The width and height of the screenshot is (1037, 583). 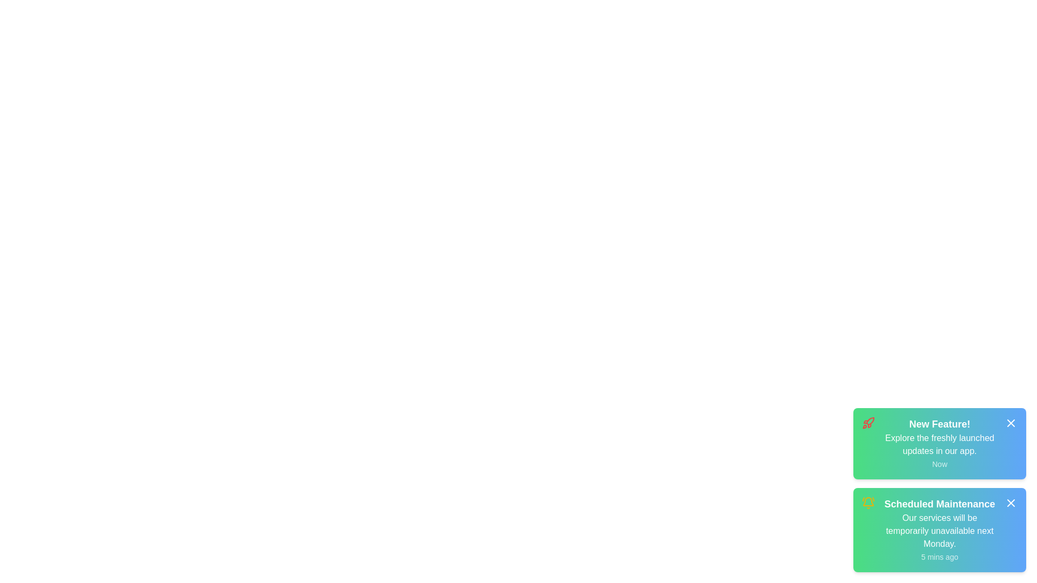 I want to click on close icon of the notification with title Scheduled Maintenance, so click(x=1011, y=503).